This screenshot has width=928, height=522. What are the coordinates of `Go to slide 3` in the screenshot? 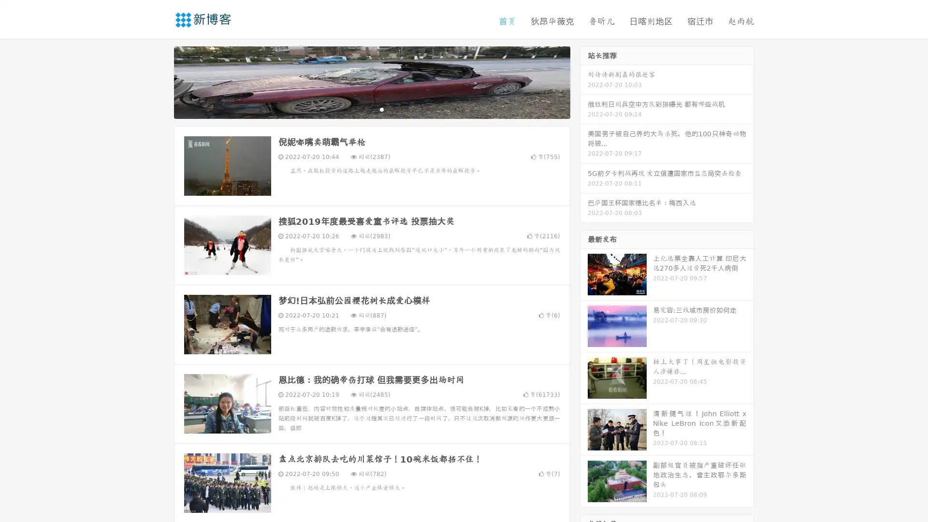 It's located at (381, 109).